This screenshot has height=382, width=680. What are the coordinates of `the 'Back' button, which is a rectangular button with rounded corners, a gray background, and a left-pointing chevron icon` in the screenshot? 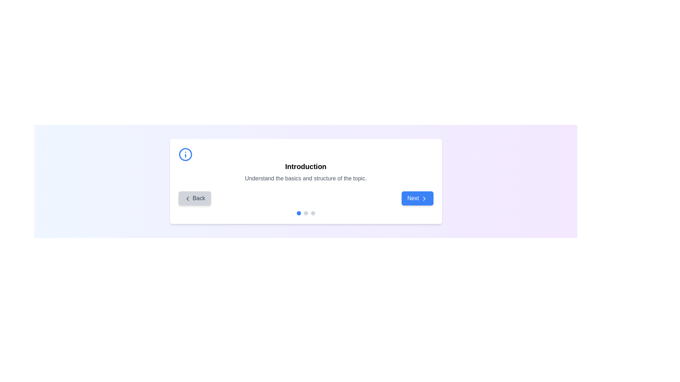 It's located at (194, 198).